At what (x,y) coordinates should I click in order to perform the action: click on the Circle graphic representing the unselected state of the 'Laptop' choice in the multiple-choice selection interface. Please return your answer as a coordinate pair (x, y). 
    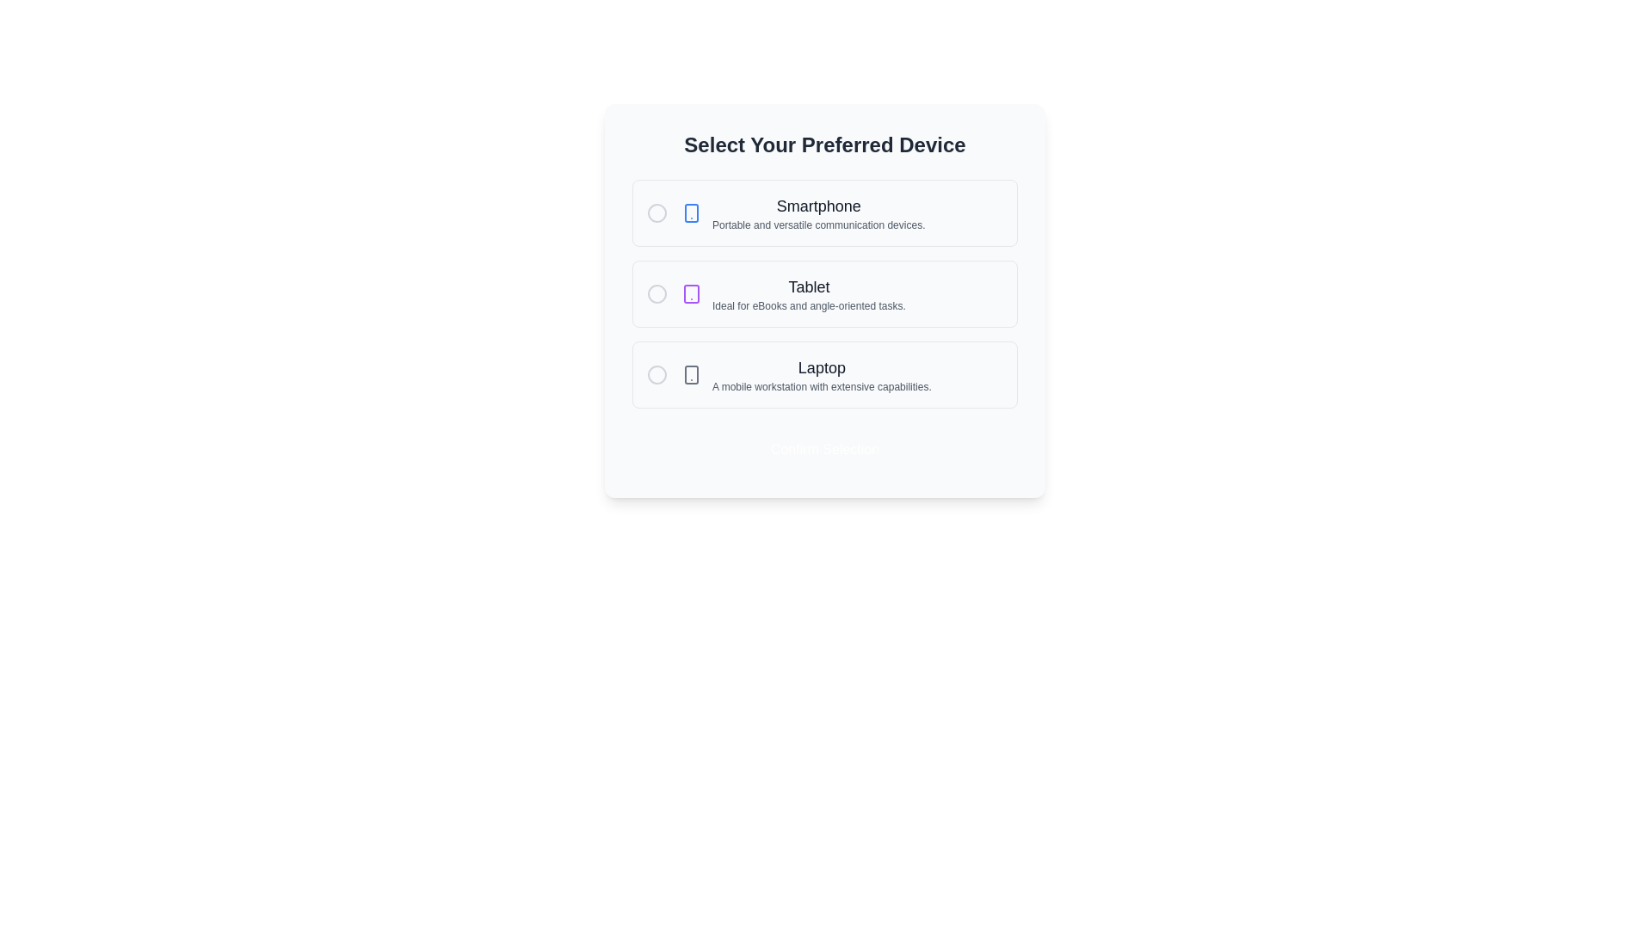
    Looking at the image, I should click on (656, 373).